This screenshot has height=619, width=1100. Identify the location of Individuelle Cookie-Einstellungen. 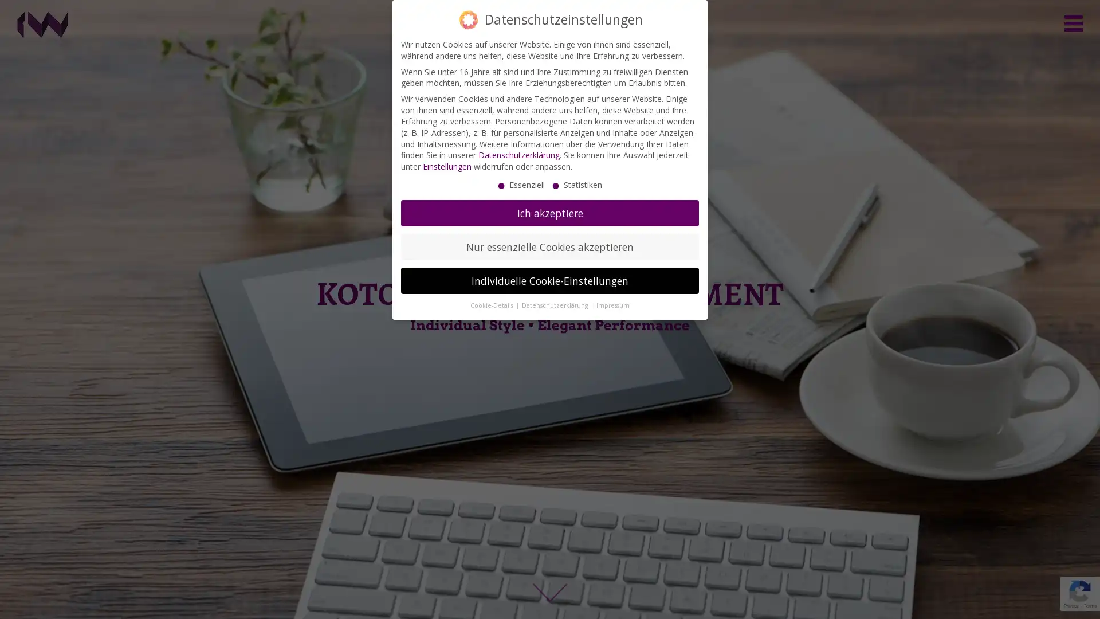
(550, 280).